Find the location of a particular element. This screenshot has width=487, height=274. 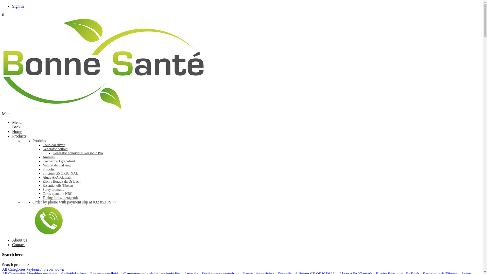

'Algae AFA Klamath' is located at coordinates (57, 177).